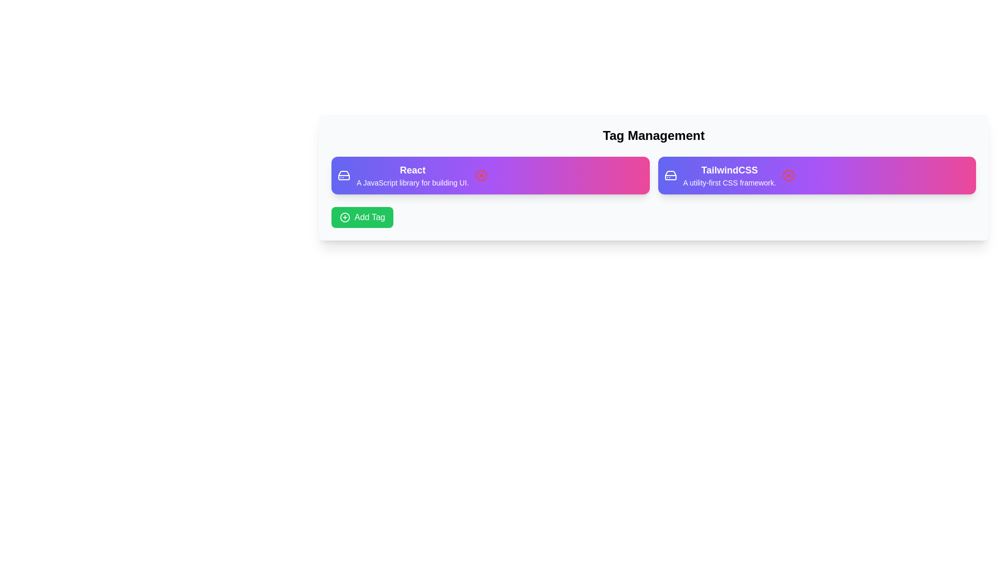  Describe the element at coordinates (480, 175) in the screenshot. I see `the cancellation icon (circle enclosing an 'X') located in the 'React' card under the 'Tag Management' section` at that location.